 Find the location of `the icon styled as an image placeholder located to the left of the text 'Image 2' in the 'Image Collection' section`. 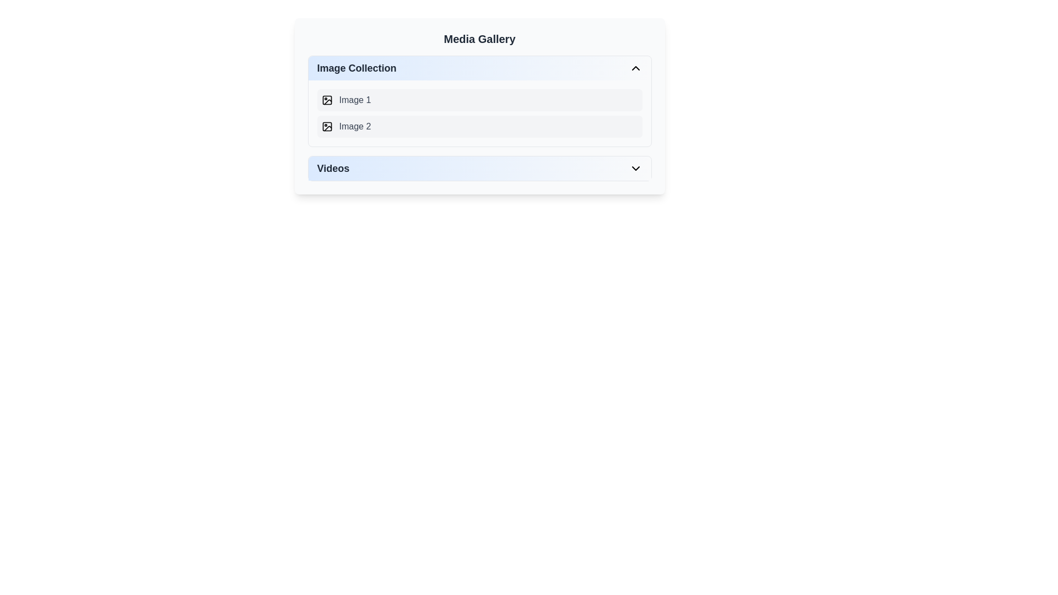

the icon styled as an image placeholder located to the left of the text 'Image 2' in the 'Image Collection' section is located at coordinates (326, 126).